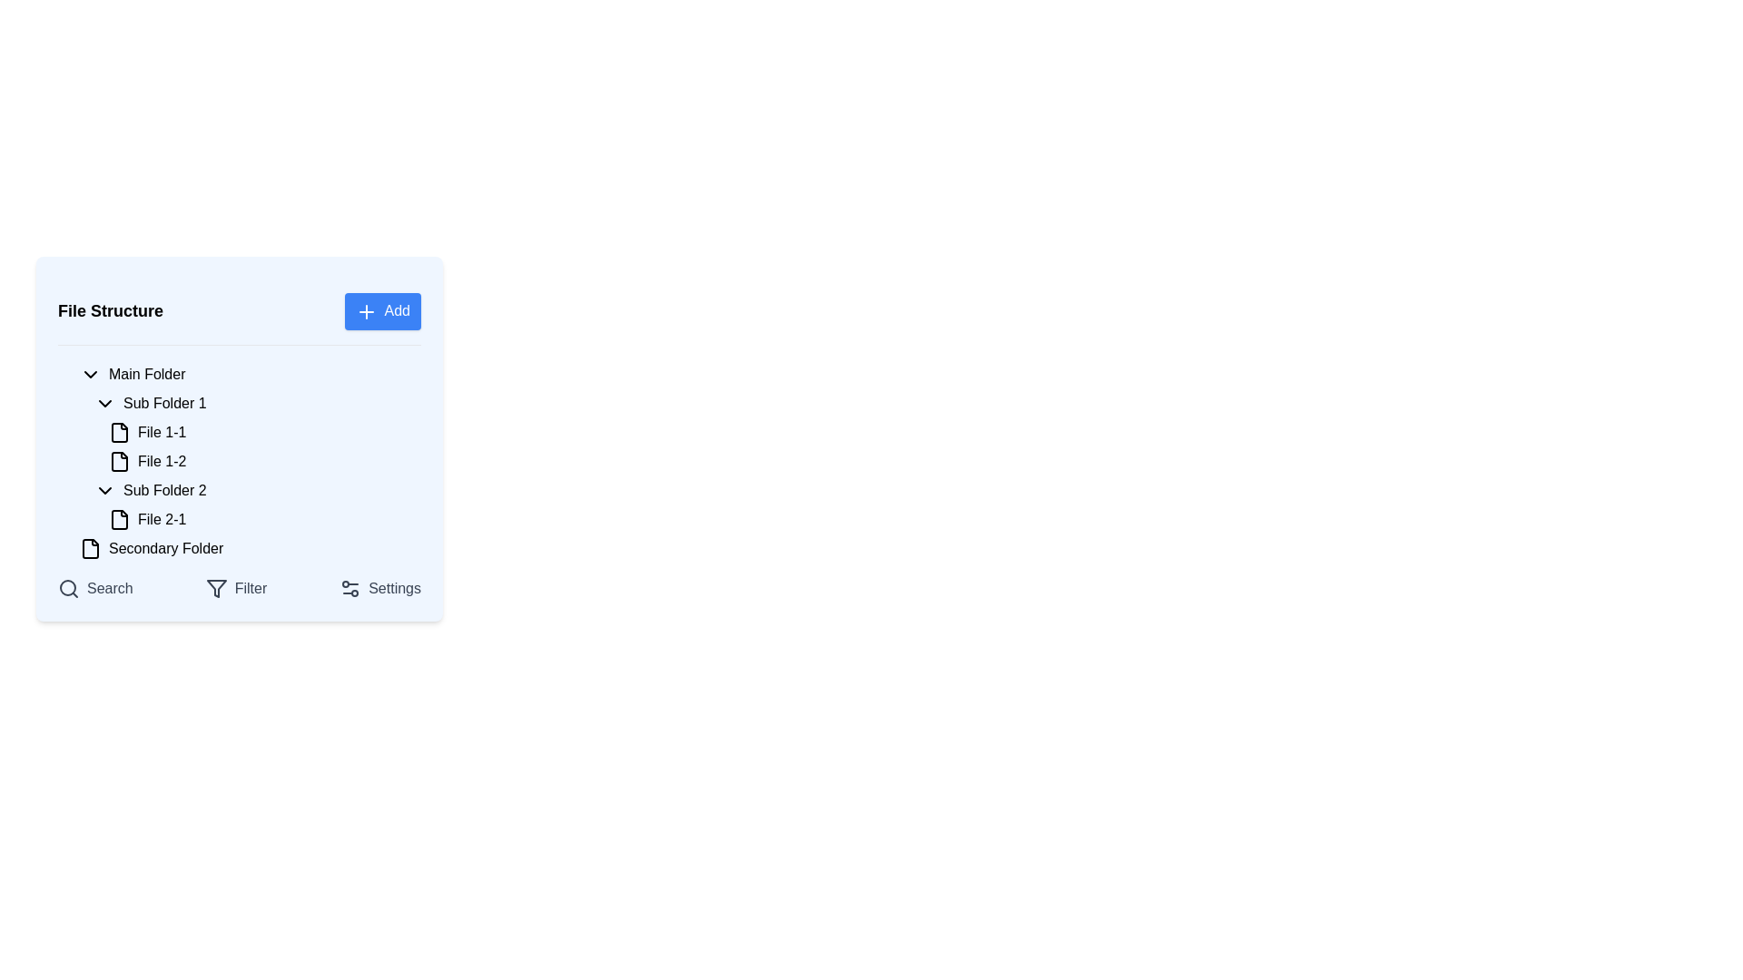 The height and width of the screenshot is (980, 1743). I want to click on the text label reading 'Sub Folder 2', so click(164, 490).